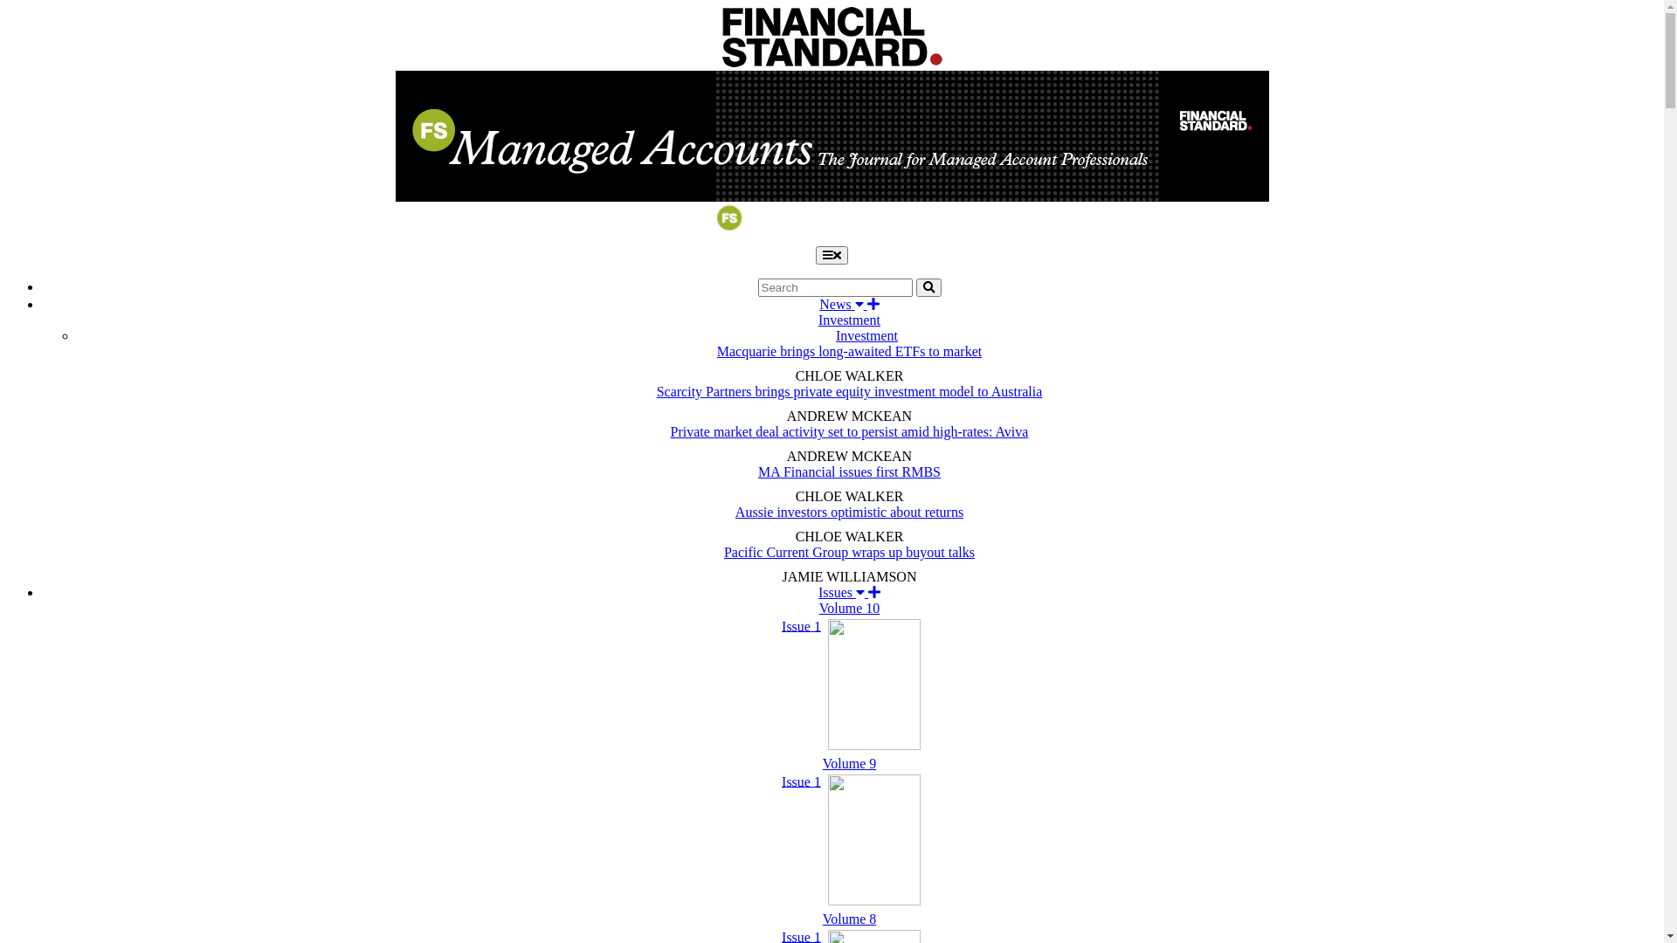 This screenshot has height=943, width=1677. I want to click on 'Volume 10', so click(849, 607).